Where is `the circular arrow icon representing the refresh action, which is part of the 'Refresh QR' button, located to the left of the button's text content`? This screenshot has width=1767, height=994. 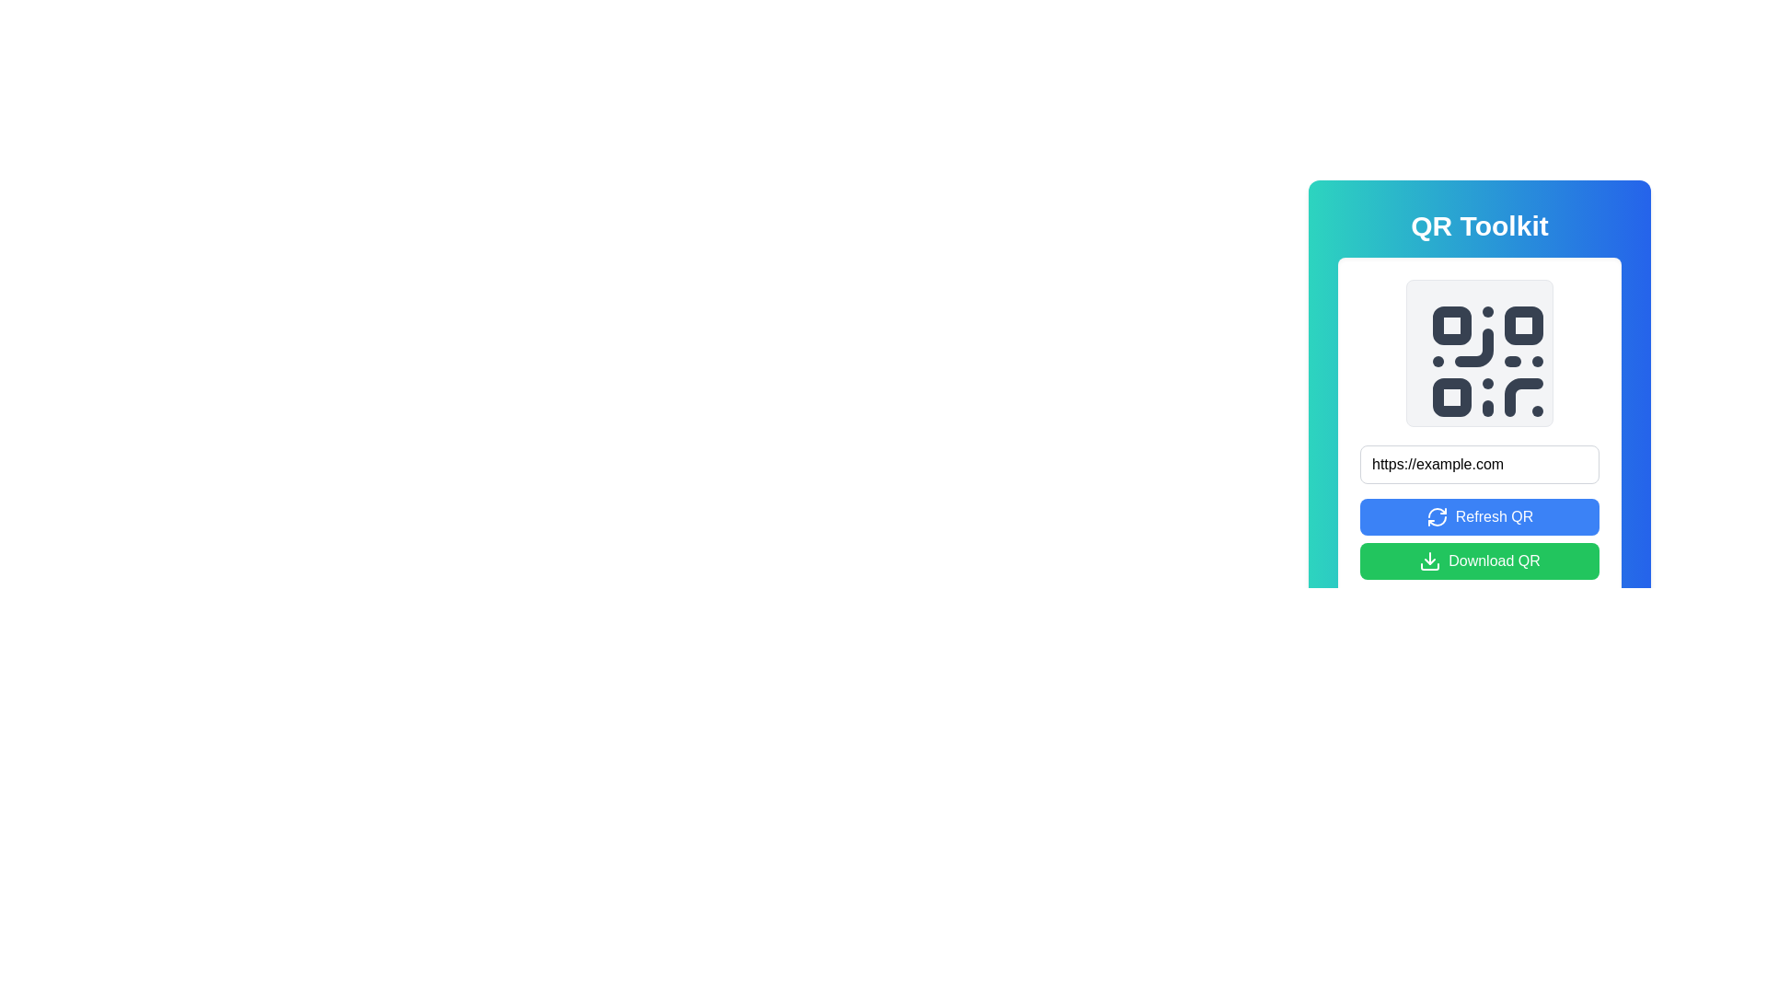
the circular arrow icon representing the refresh action, which is part of the 'Refresh QR' button, located to the left of the button's text content is located at coordinates (1436, 517).